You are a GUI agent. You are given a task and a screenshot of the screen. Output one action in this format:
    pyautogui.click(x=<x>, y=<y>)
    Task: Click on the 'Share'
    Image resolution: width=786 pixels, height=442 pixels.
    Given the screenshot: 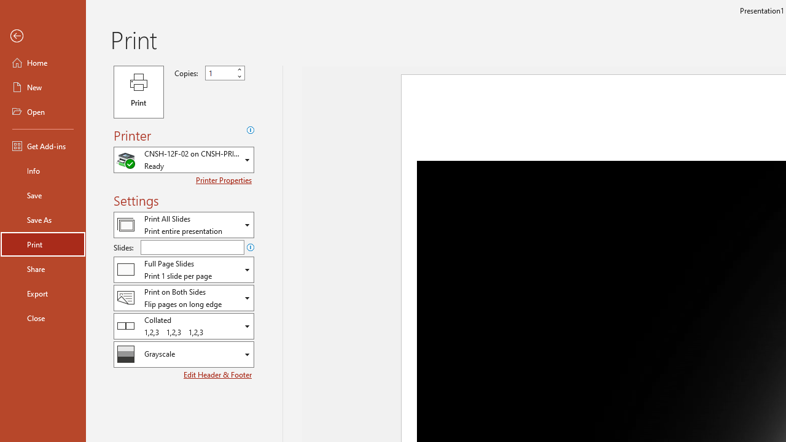 What is the action you would take?
    pyautogui.click(x=42, y=268)
    